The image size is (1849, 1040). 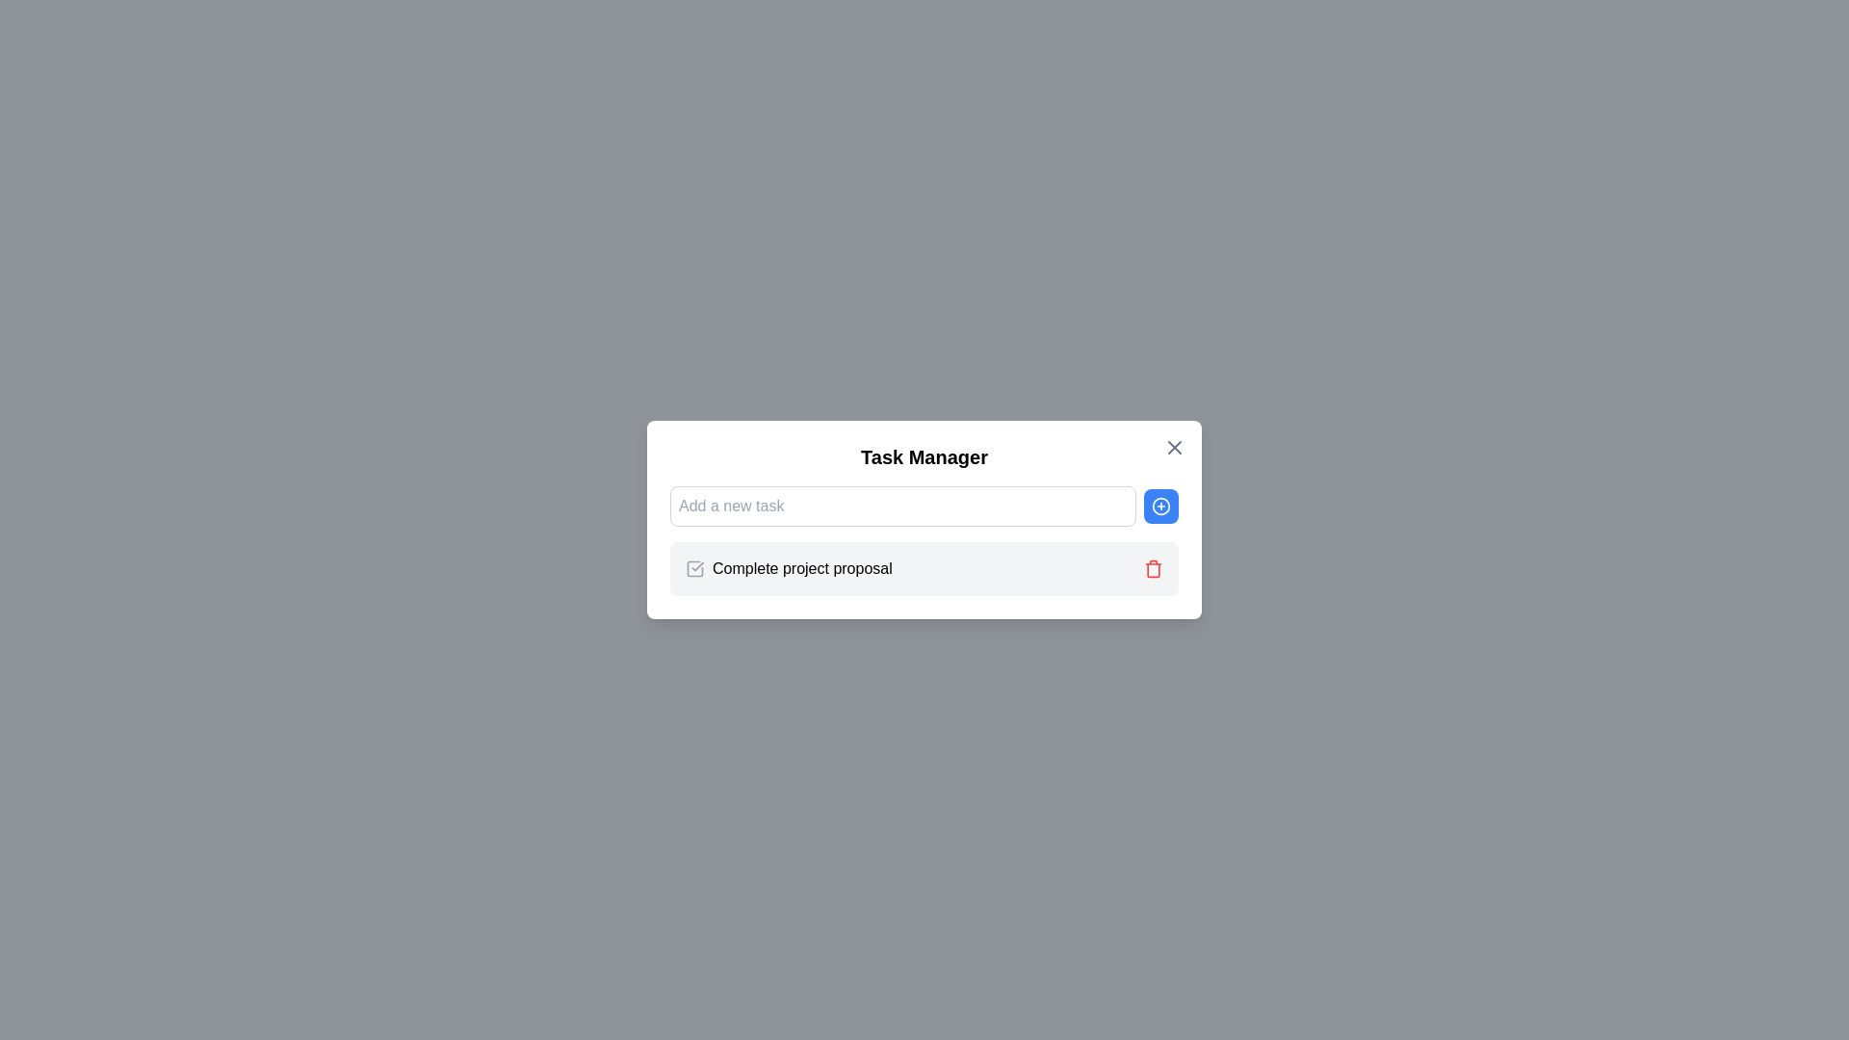 I want to click on the 'Add Task' button located to the right of the 'Add a new task' input field in the 'Task Manager' interface, so click(x=1159, y=505).